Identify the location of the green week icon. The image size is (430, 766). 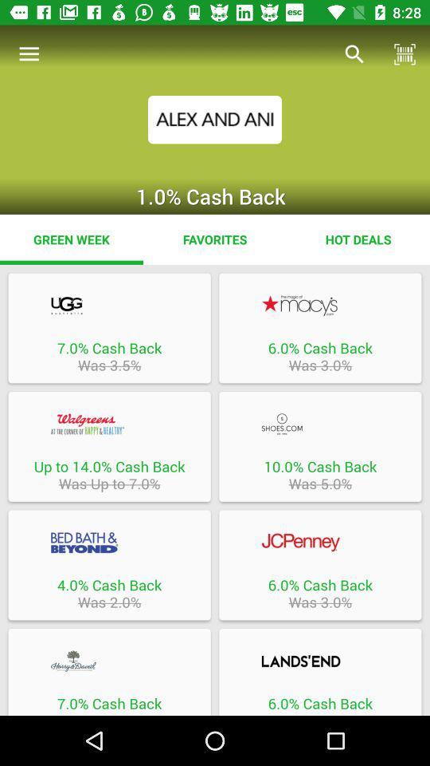
(71, 239).